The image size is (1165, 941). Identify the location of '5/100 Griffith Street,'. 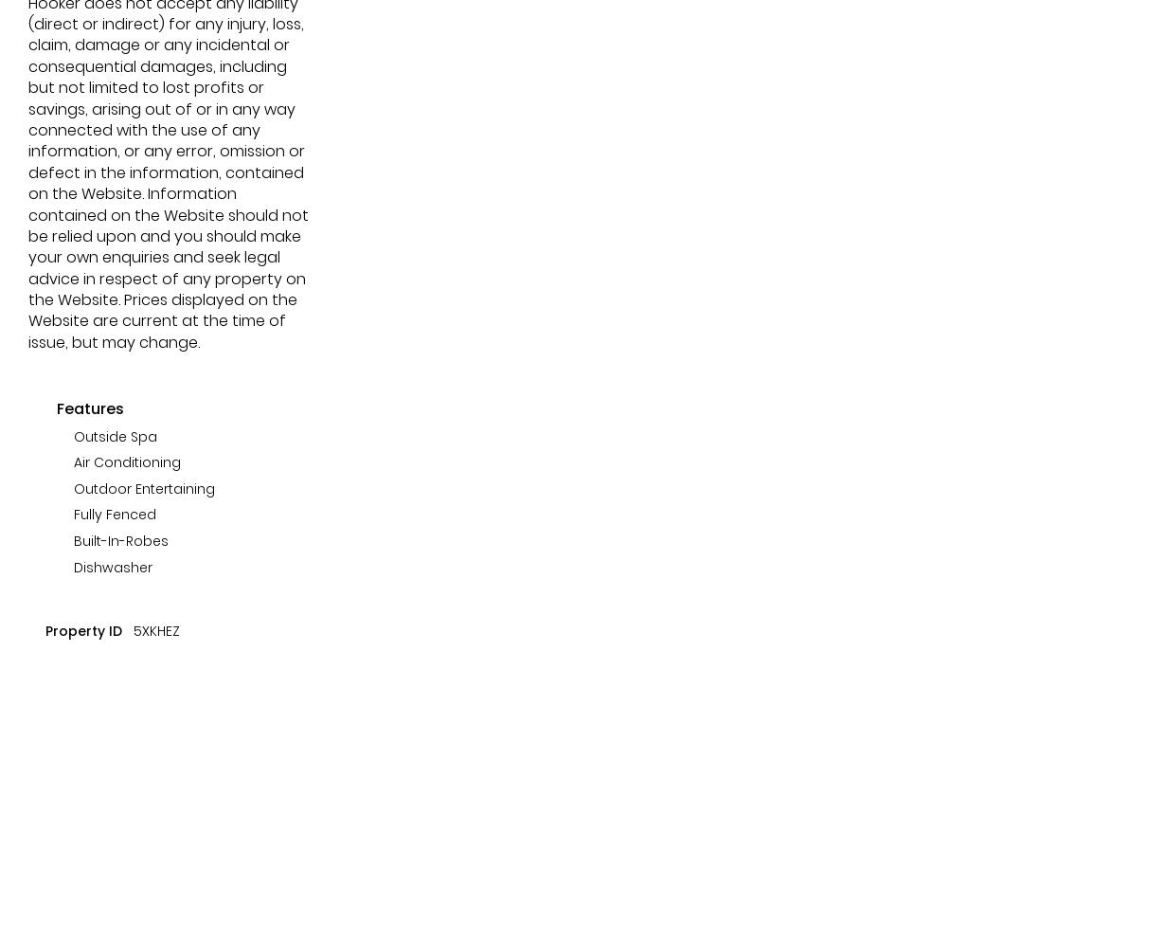
(170, 244).